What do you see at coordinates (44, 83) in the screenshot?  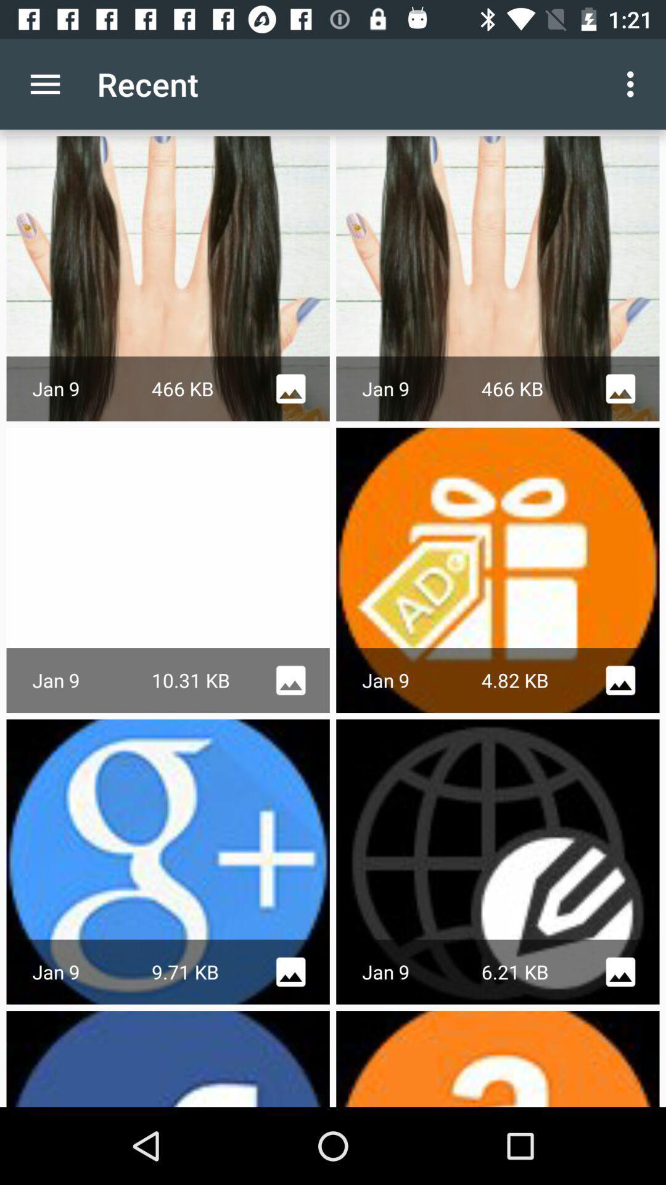 I see `the icon to the left of recent app` at bounding box center [44, 83].